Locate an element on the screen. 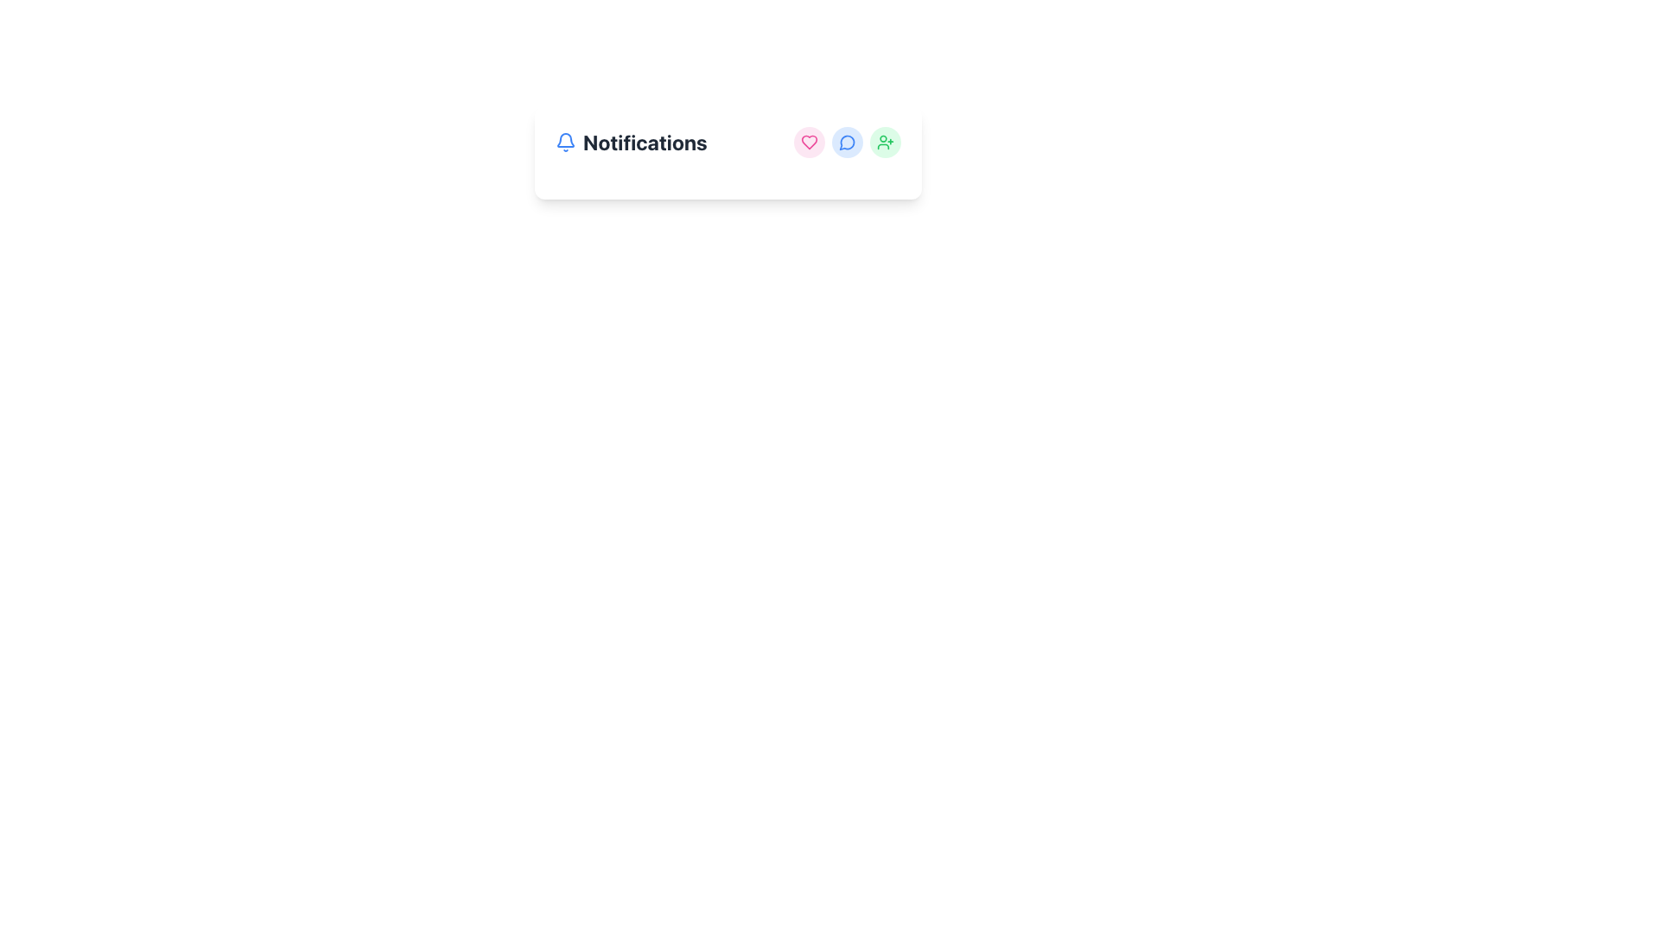 This screenshot has height=933, width=1659. the heart-shaped icon outlined in pink, located within the notification interface on the far right of the notifications bar is located at coordinates (808, 142).